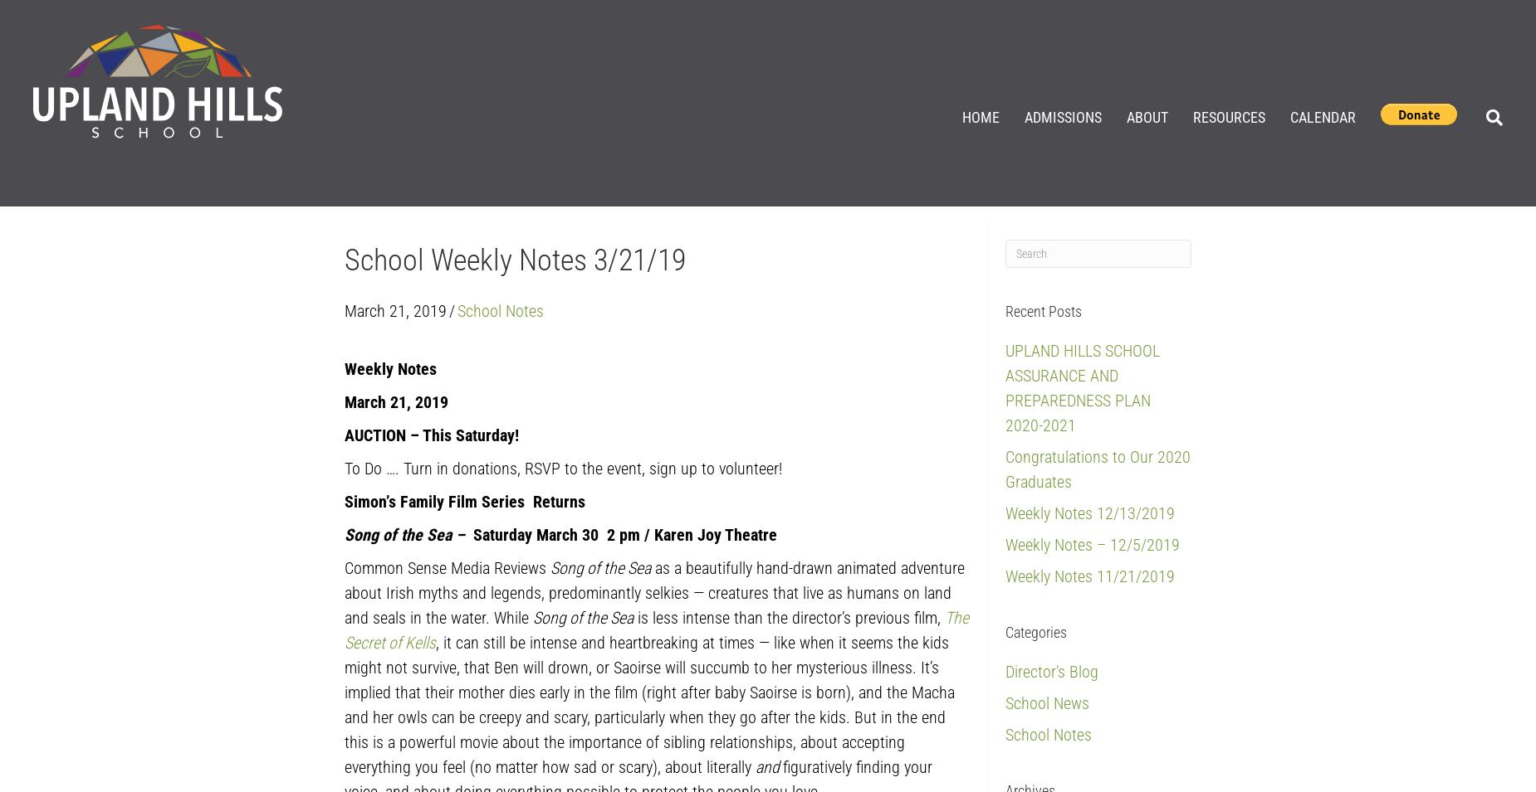  What do you see at coordinates (448, 566) in the screenshot?
I see `'Common Sense Media Reviews'` at bounding box center [448, 566].